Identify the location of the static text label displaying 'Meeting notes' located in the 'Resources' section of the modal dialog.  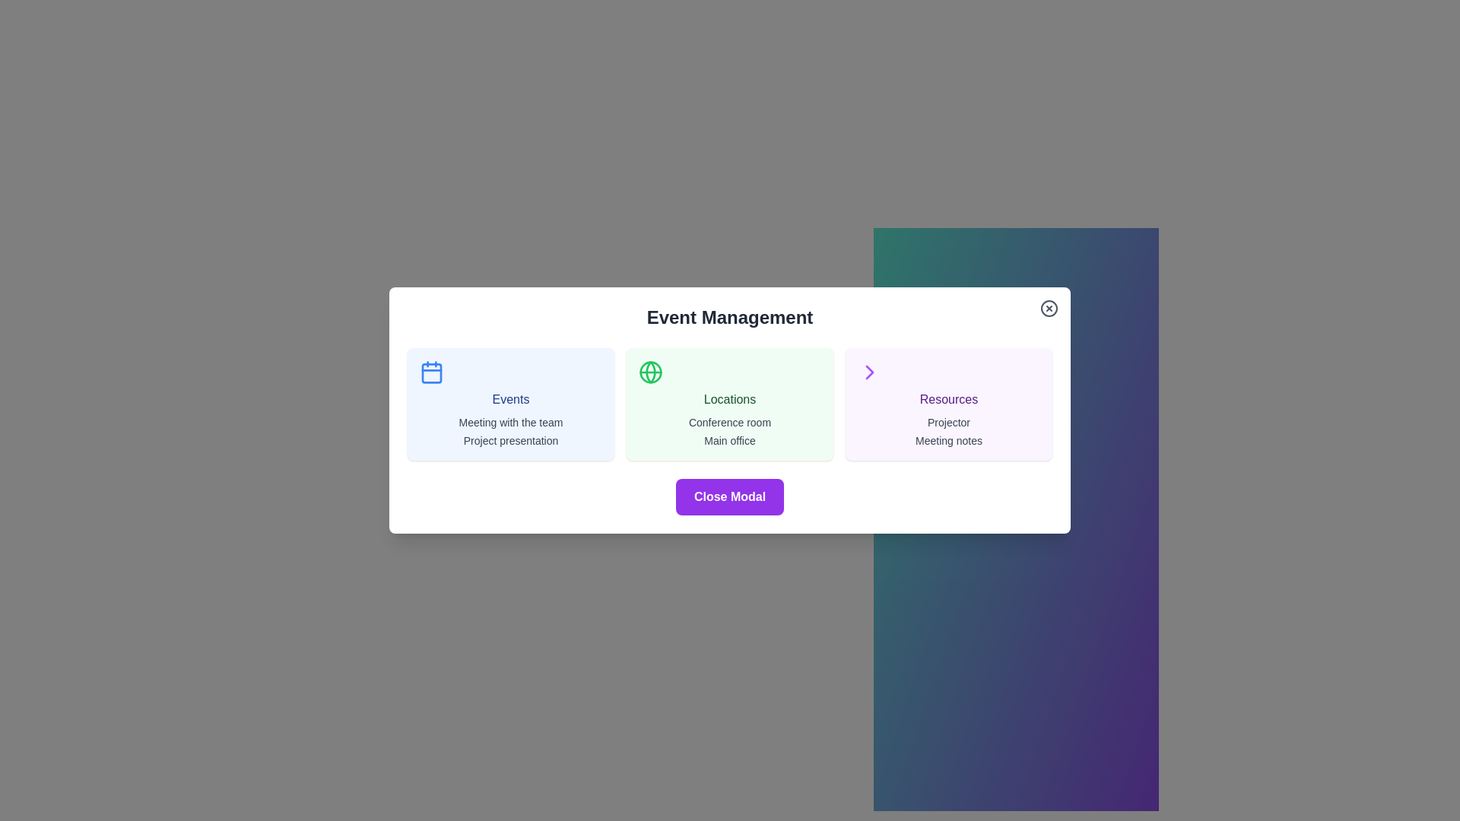
(948, 440).